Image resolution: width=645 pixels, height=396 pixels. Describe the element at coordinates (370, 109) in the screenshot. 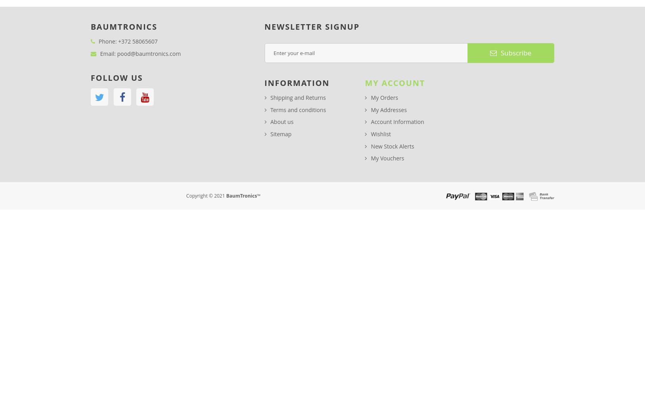

I see `'My Addresses'` at that location.